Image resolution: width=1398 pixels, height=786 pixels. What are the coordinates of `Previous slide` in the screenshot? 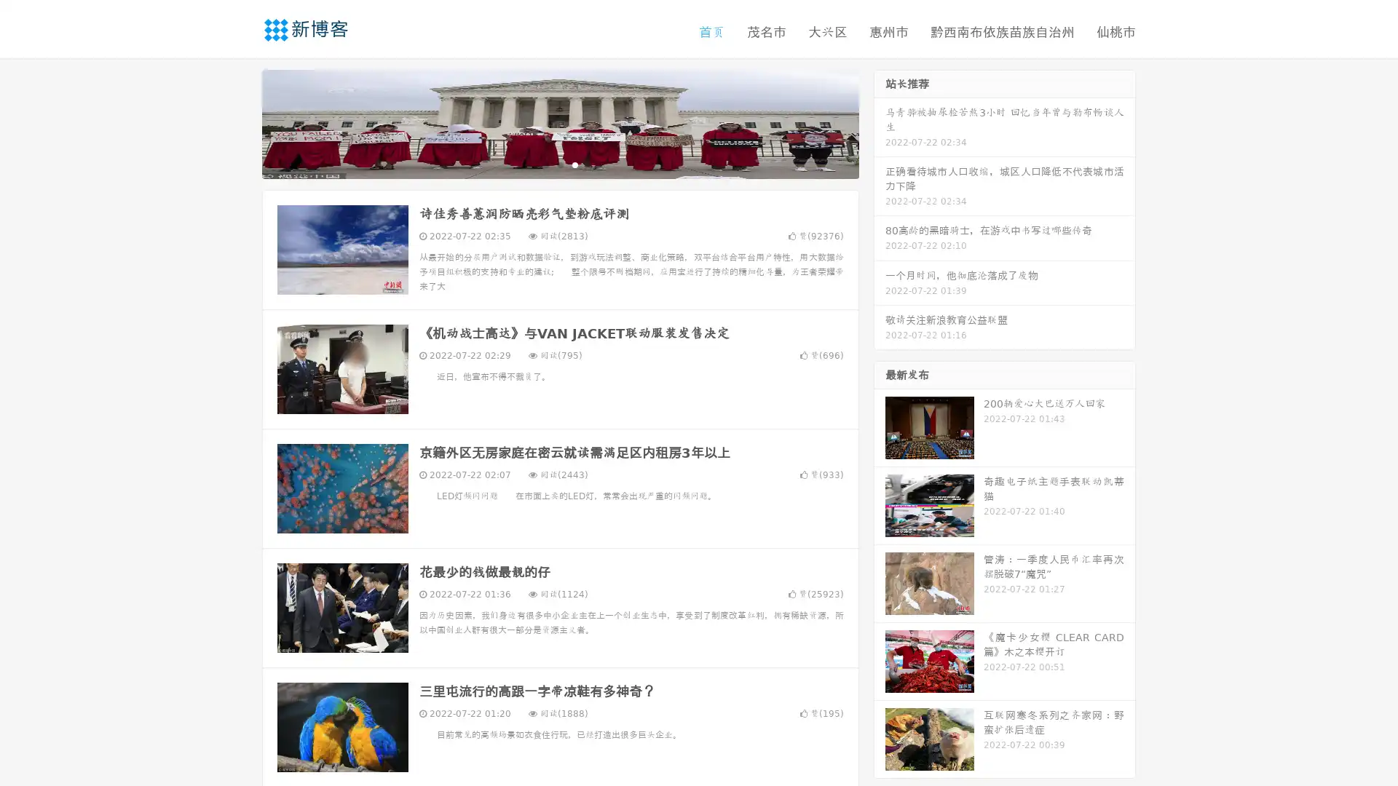 It's located at (240, 122).